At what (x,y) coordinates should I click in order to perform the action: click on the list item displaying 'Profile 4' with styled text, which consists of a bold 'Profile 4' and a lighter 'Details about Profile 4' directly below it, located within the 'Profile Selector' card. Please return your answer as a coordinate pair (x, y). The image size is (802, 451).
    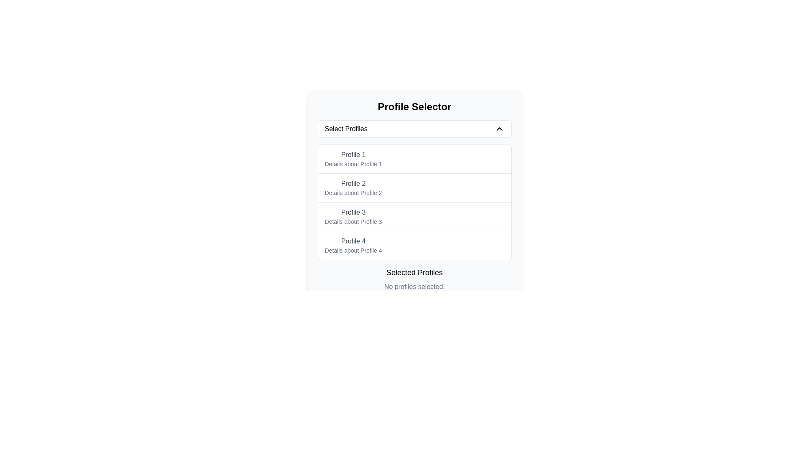
    Looking at the image, I should click on (353, 245).